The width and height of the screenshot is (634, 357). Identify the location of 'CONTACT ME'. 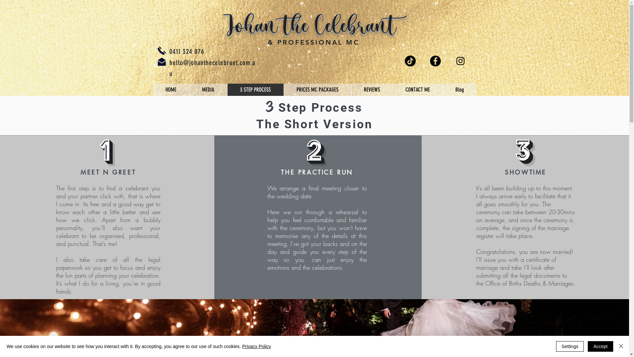
(417, 90).